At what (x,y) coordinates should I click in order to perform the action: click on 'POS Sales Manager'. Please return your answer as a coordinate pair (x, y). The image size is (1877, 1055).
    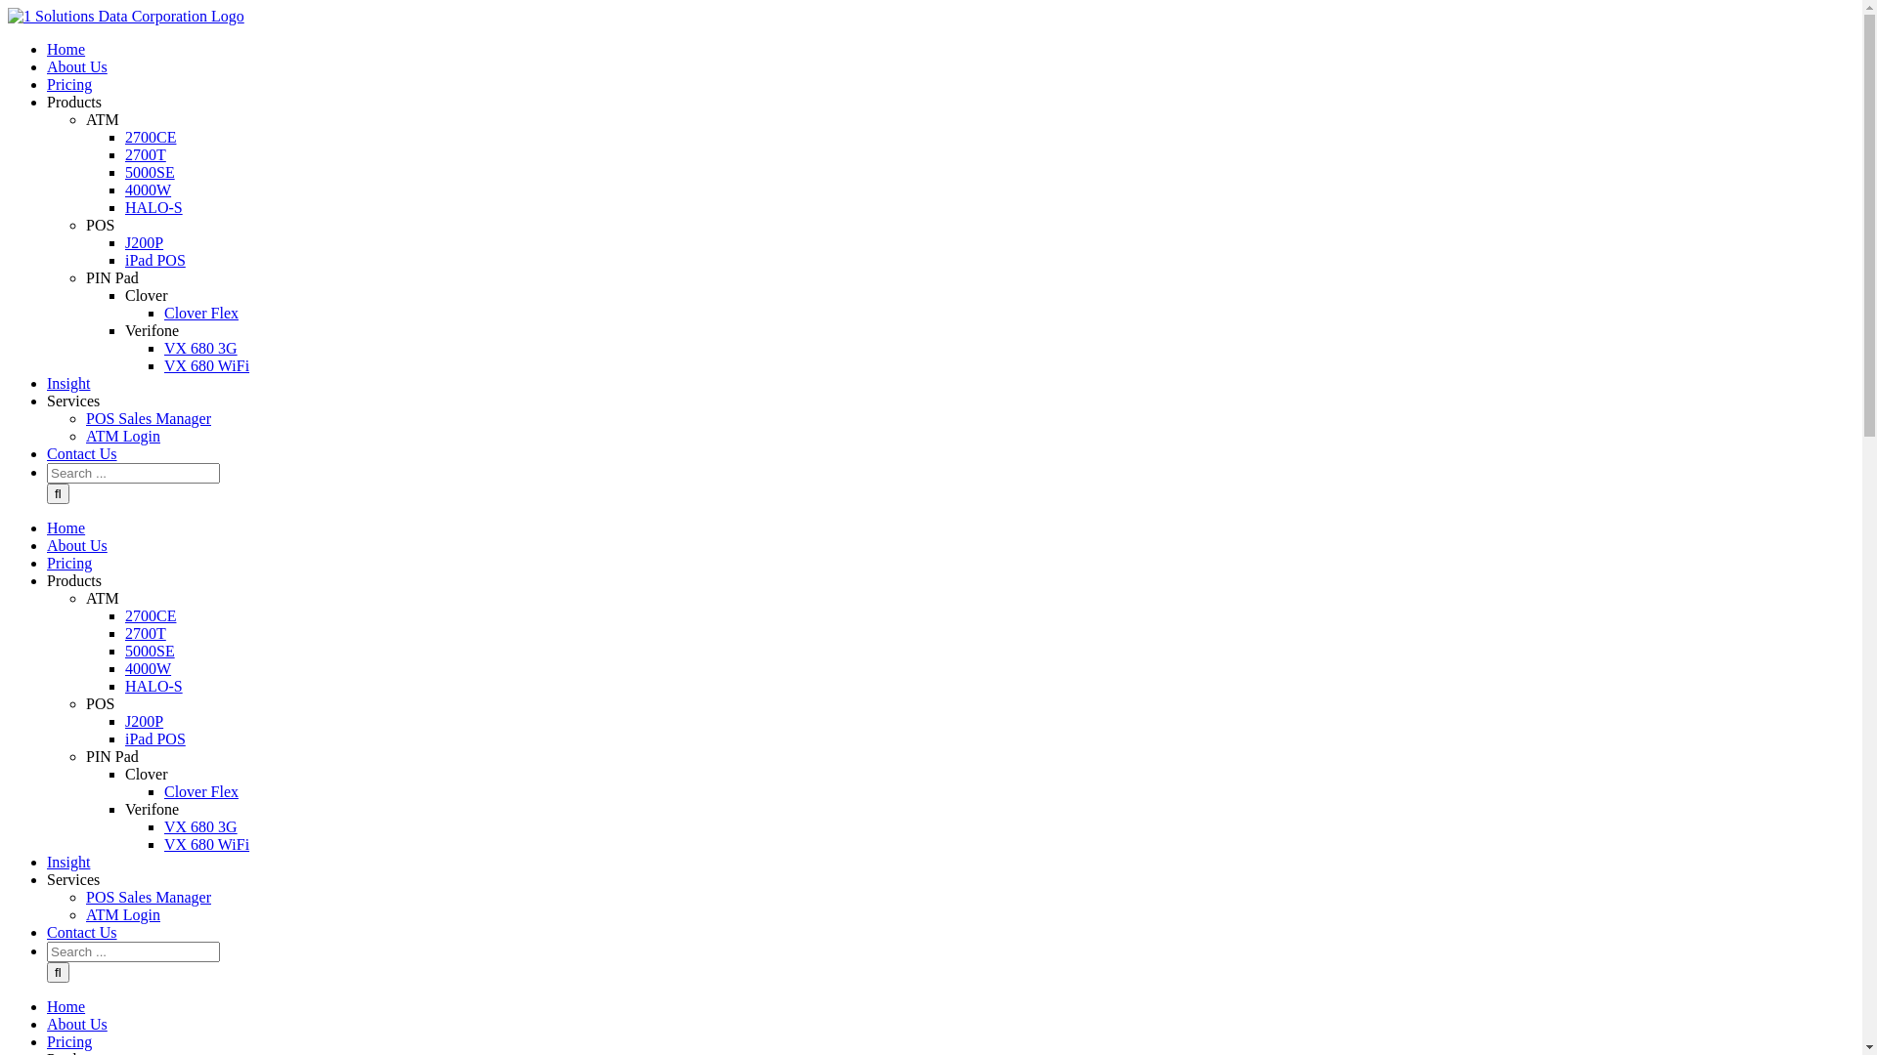
    Looking at the image, I should click on (148, 417).